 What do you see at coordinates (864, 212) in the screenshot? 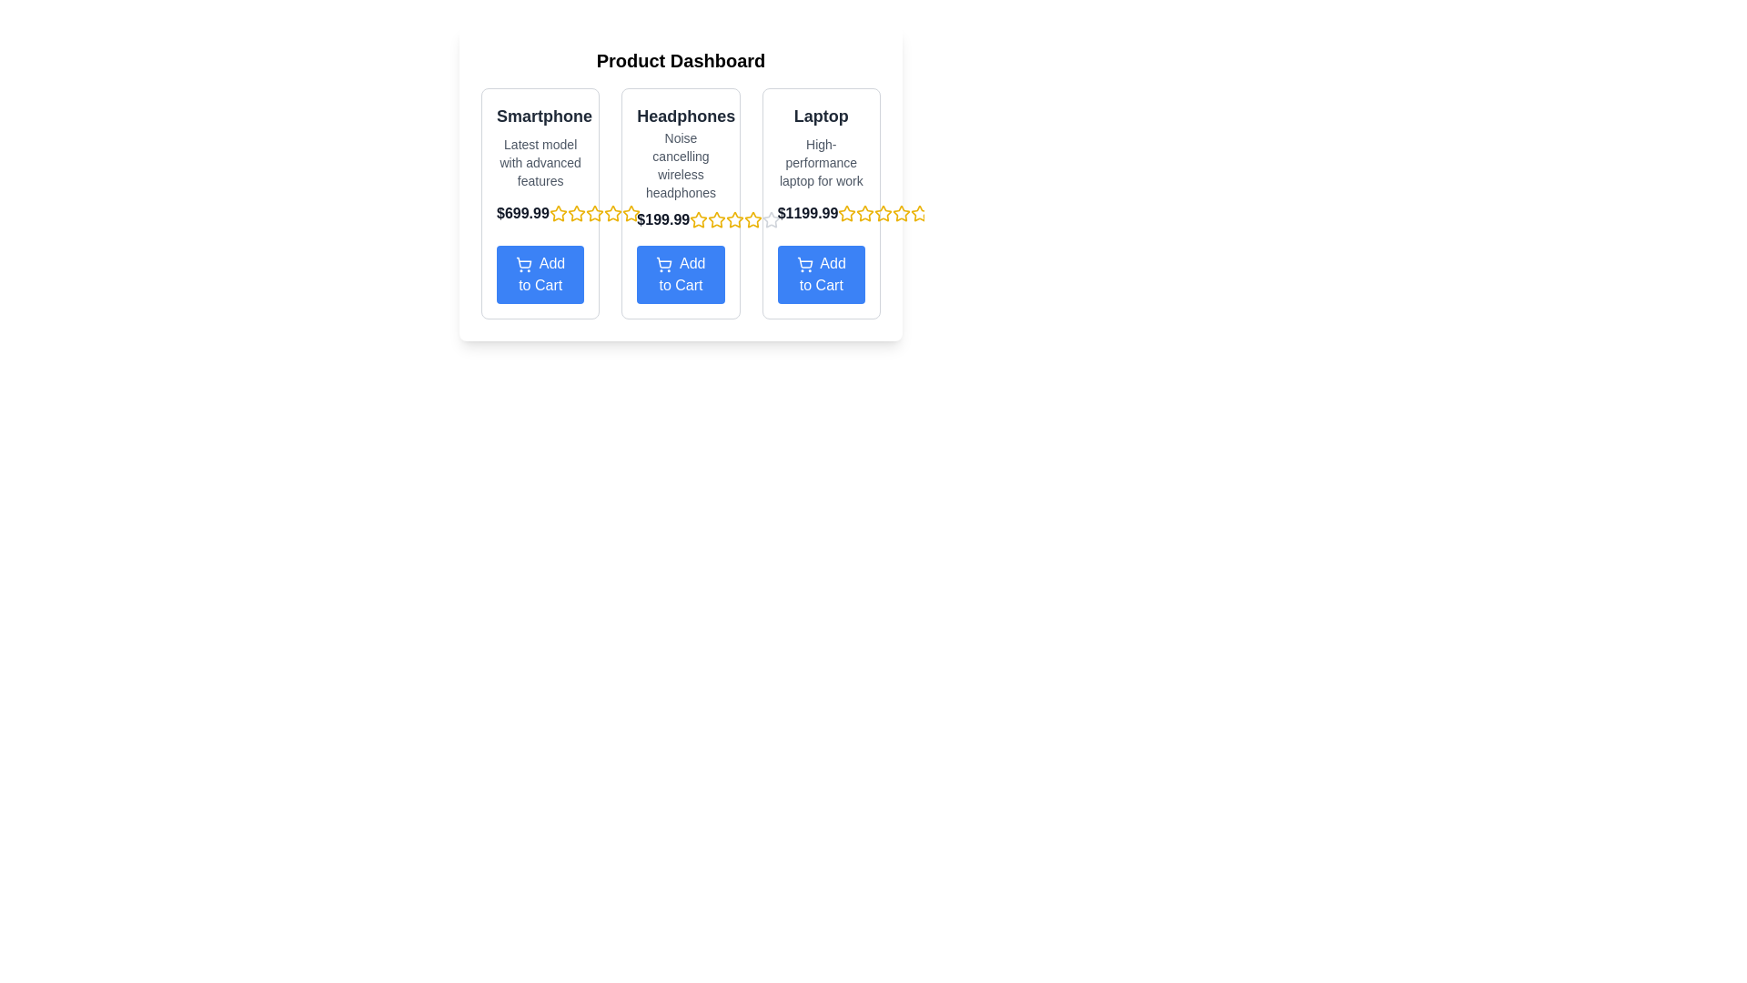
I see `the second rating star icon` at bounding box center [864, 212].